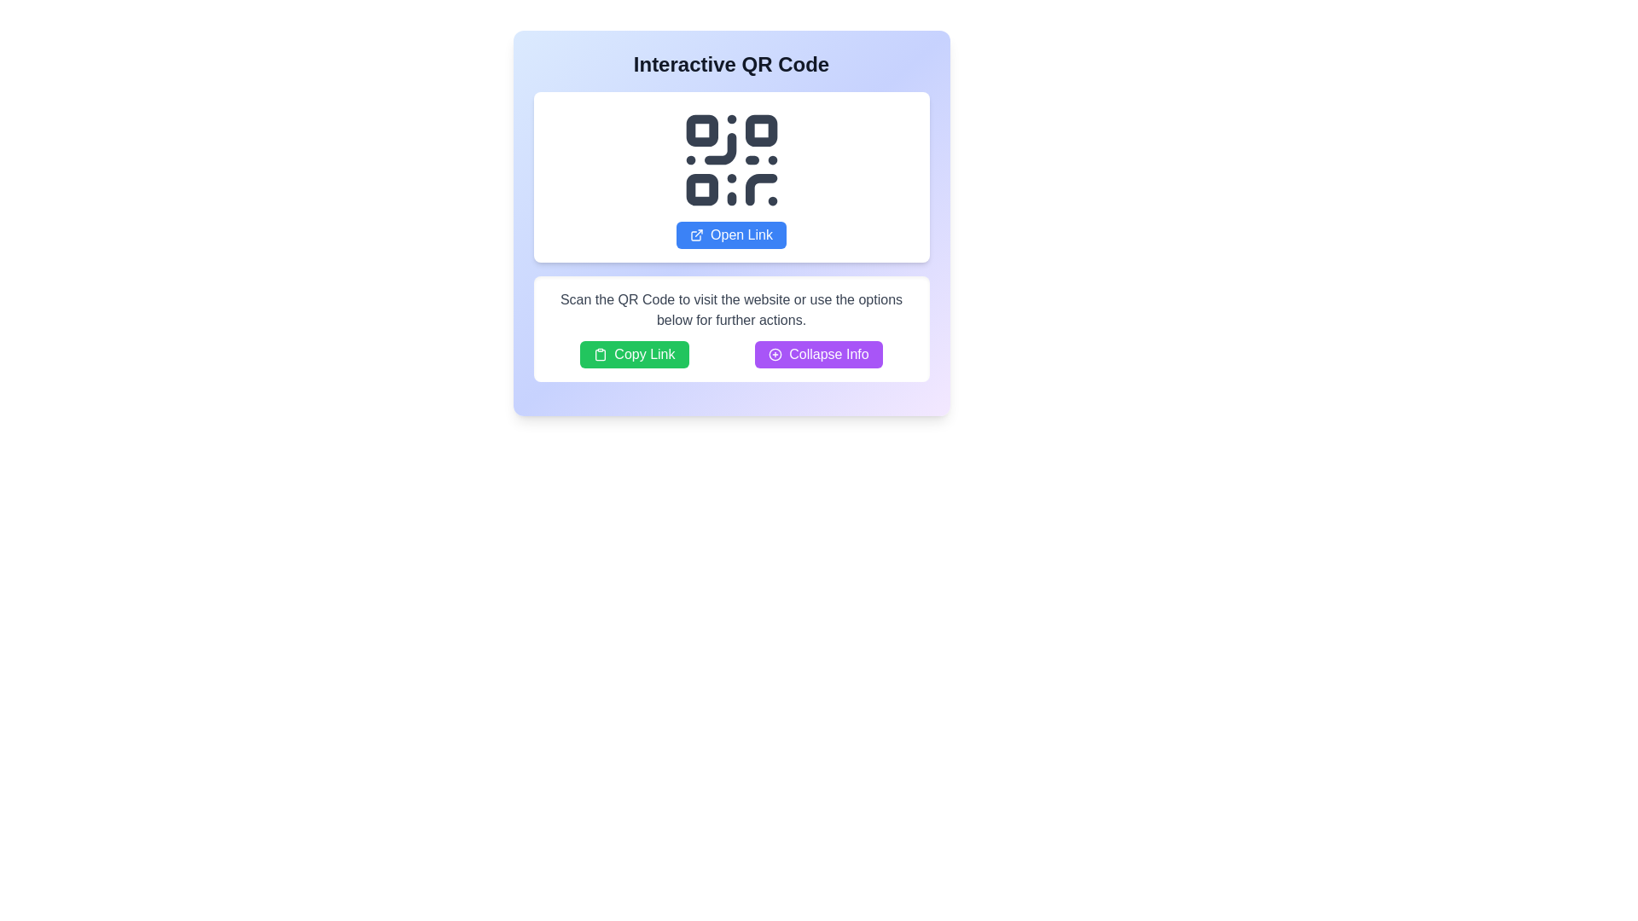  I want to click on the external link icon, which is a small rectangle with a diagonal arrow, located to the left of the text 'Open Link' within a blue button in the top-middle section of the interface, so click(696, 235).